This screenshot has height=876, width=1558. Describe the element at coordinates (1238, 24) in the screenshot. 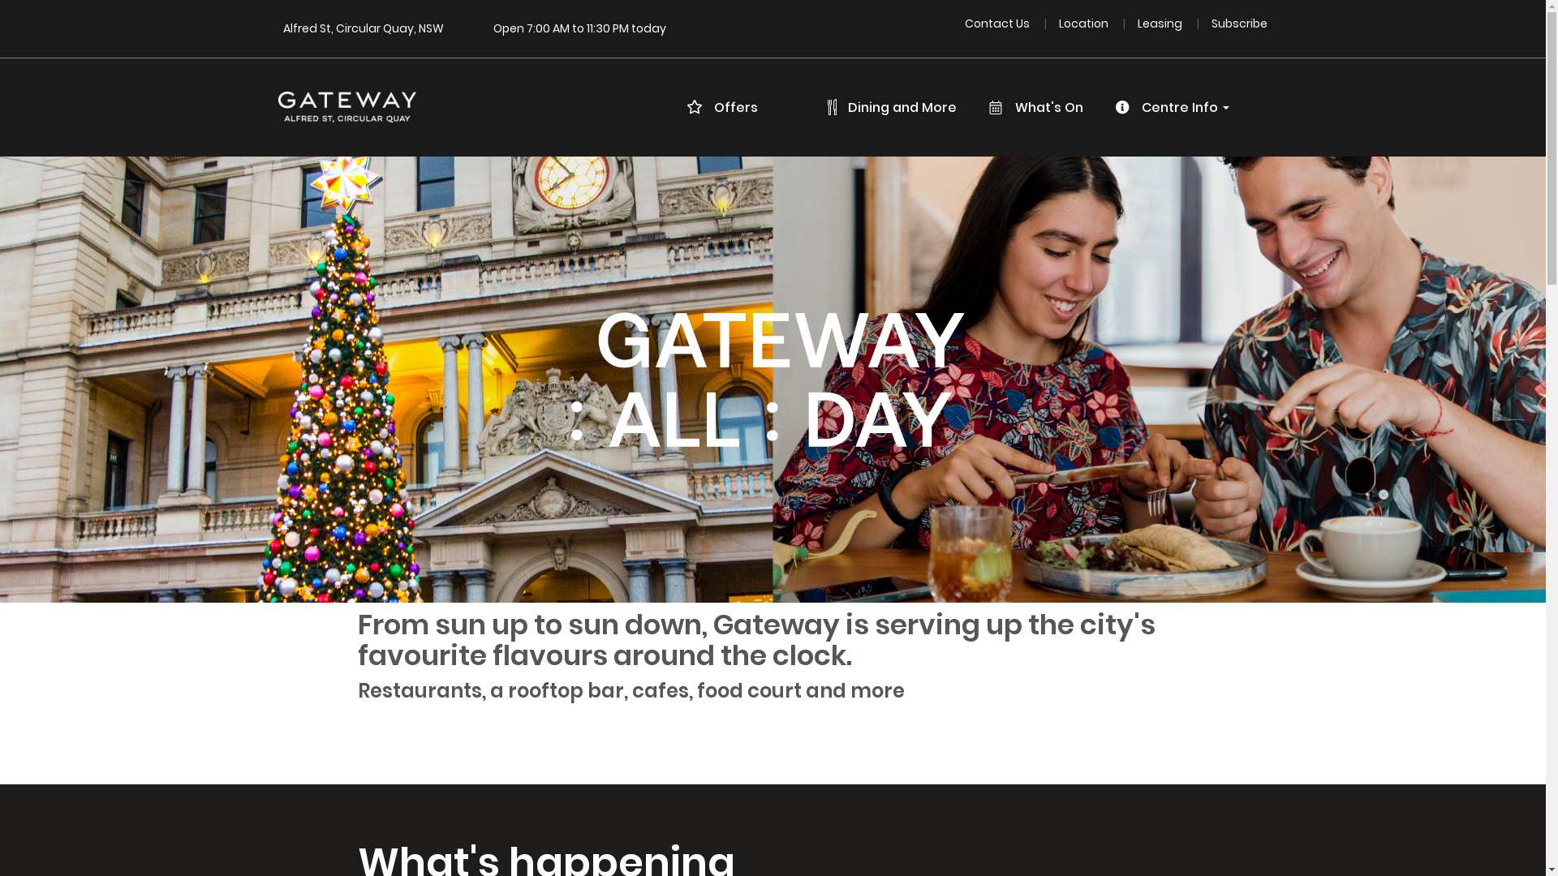

I see `'Subscribe'` at that location.